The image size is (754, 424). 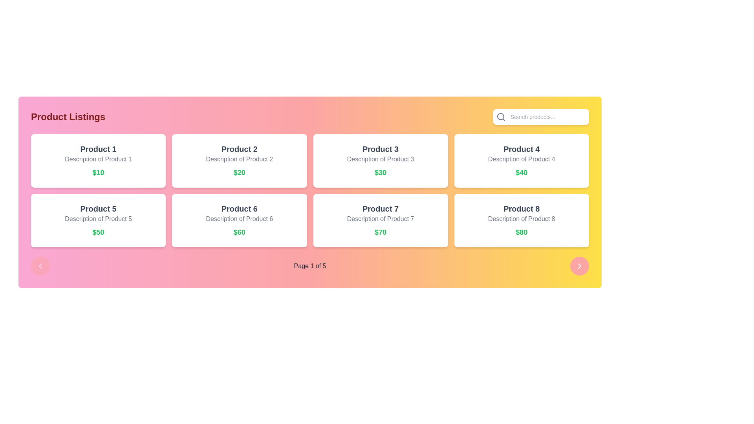 I want to click on the Card component representing 'Product 5', which includes its name, description, and price information, located in the fifth position of the product listing grid, so click(x=98, y=221).